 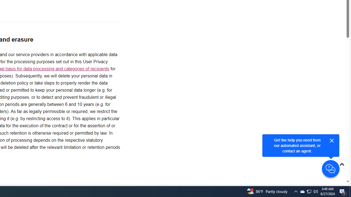 What do you see at coordinates (341, 170) in the screenshot?
I see `'Scroll to top'` at bounding box center [341, 170].